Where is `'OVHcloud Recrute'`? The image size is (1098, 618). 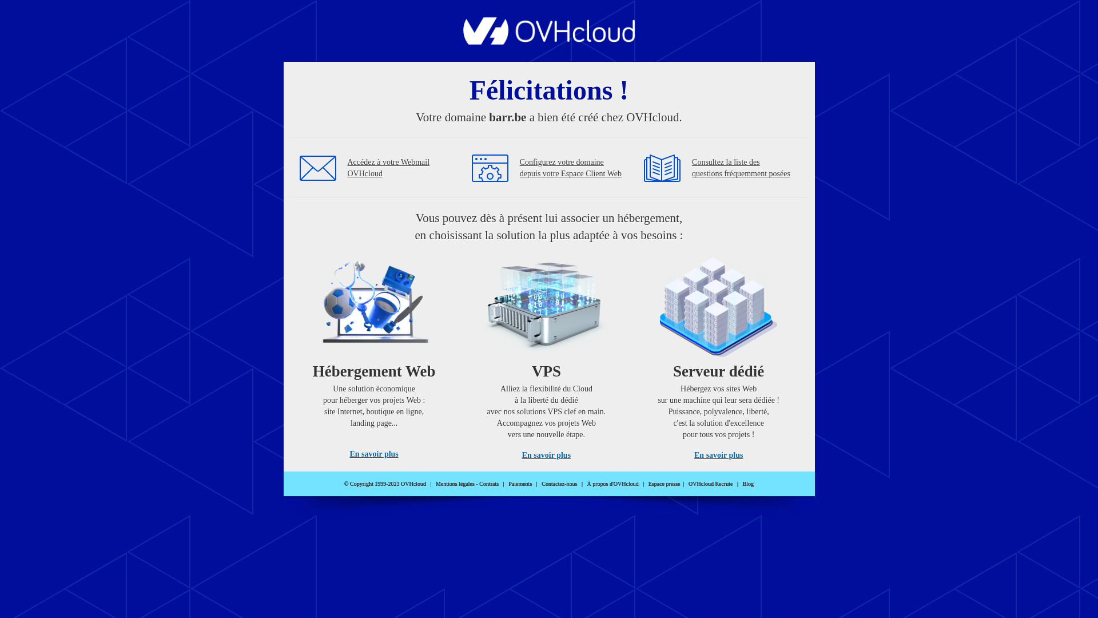
'OVHcloud Recrute' is located at coordinates (710, 484).